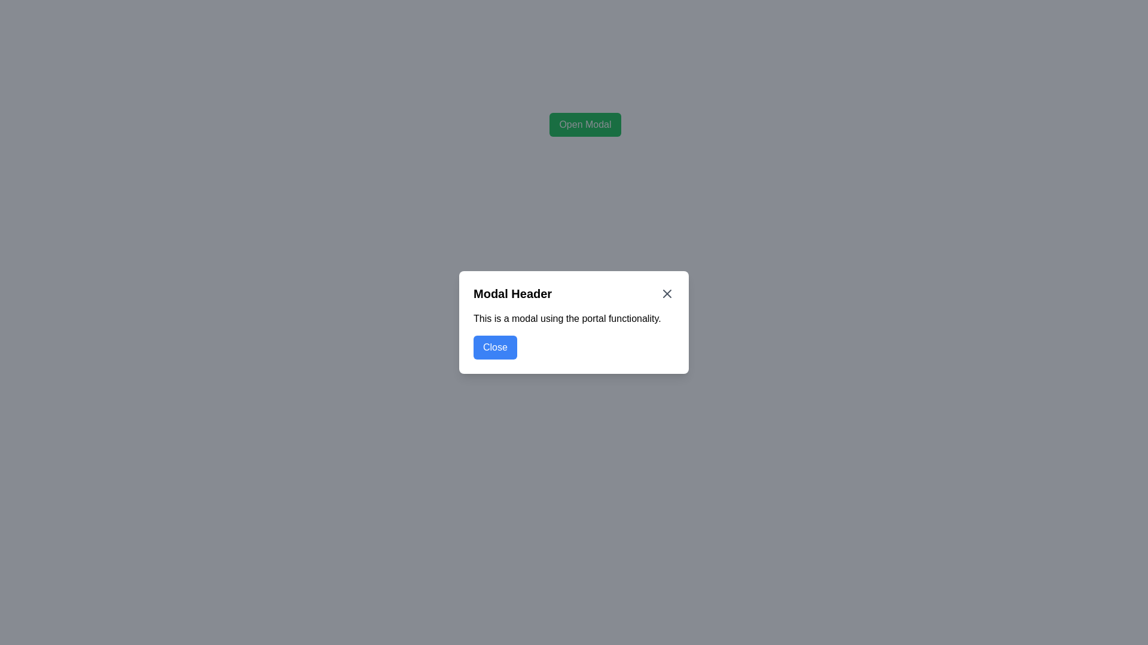 This screenshot has height=645, width=1148. I want to click on the 'Open Modal' button, which is a green rectangular button with rounded corners and white text, centrally located at the top part of the modal window interface, so click(585, 124).